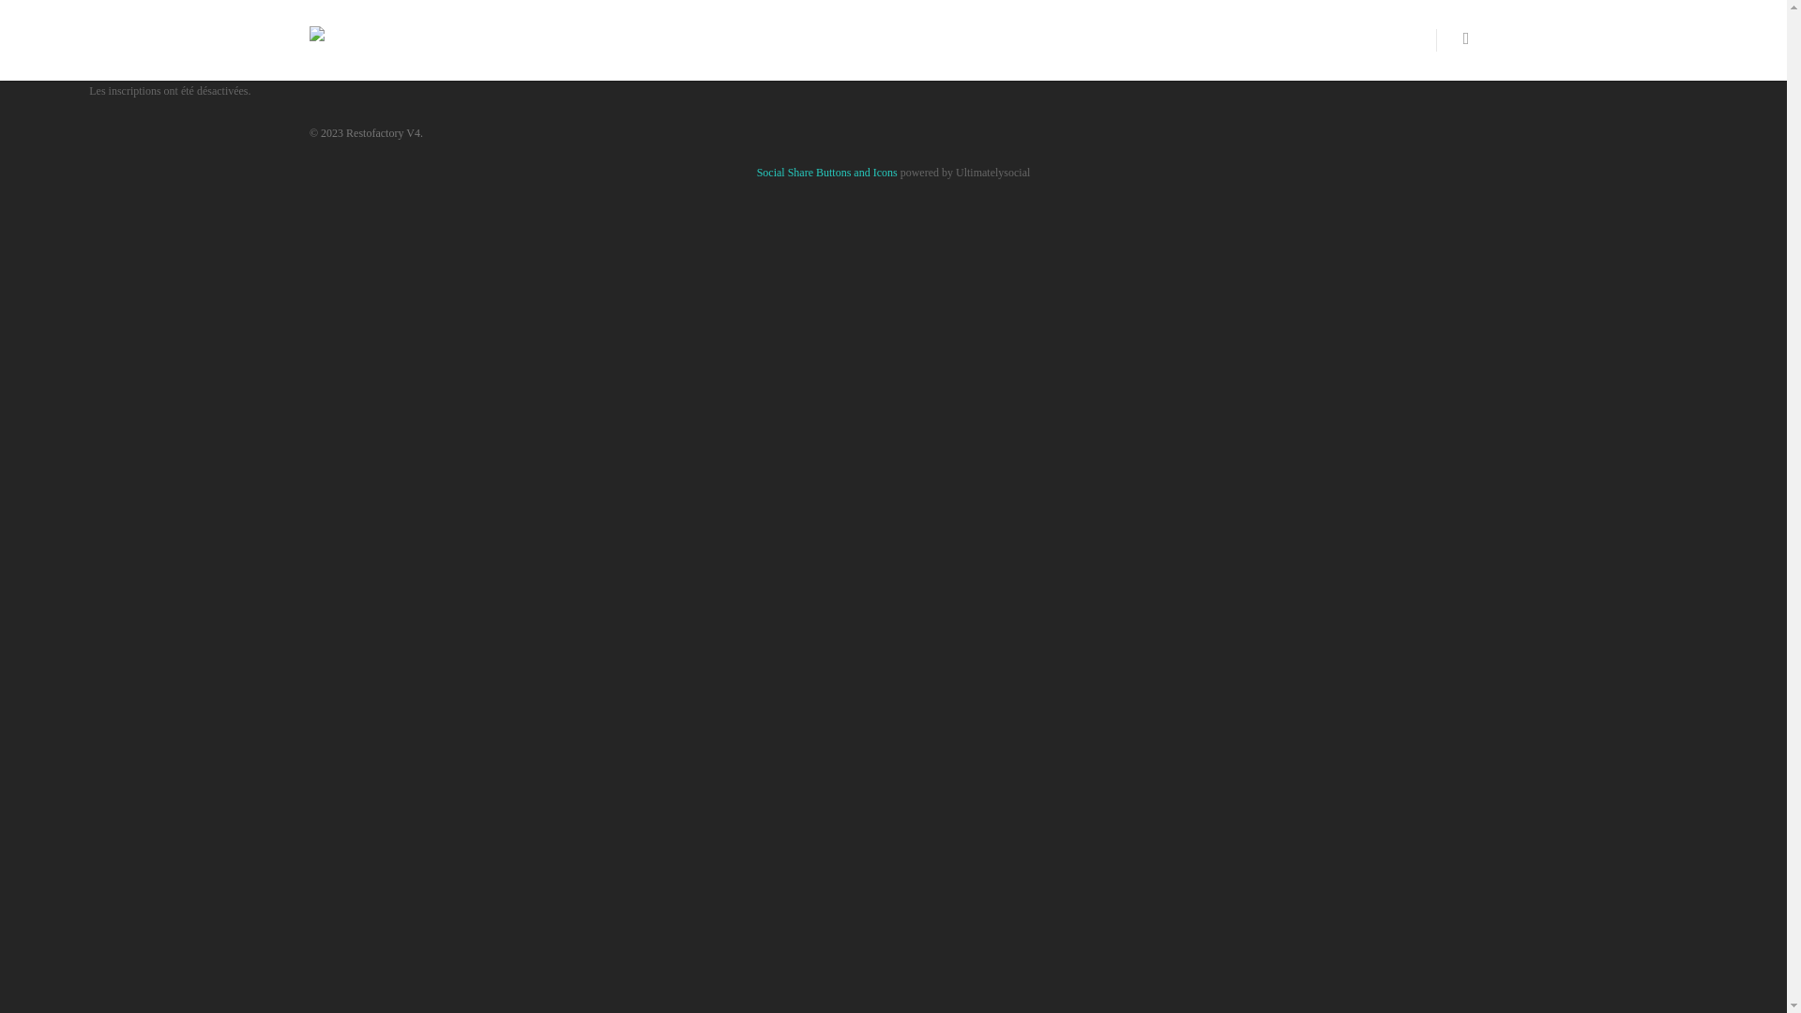 The image size is (1801, 1013). I want to click on 'Social Share Buttons and Icons', so click(826, 173).